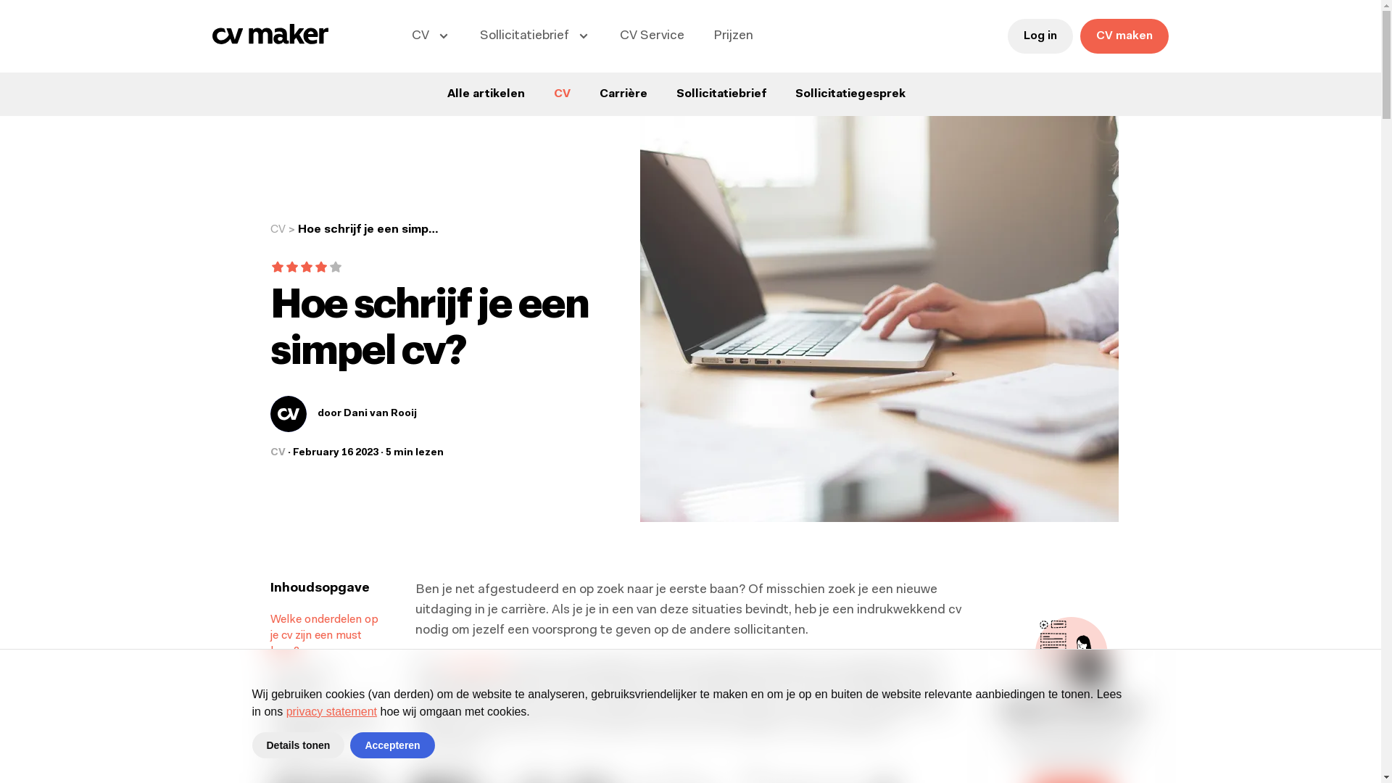 The width and height of the screenshot is (1392, 783). Describe the element at coordinates (392, 745) in the screenshot. I see `'Accepteren'` at that location.